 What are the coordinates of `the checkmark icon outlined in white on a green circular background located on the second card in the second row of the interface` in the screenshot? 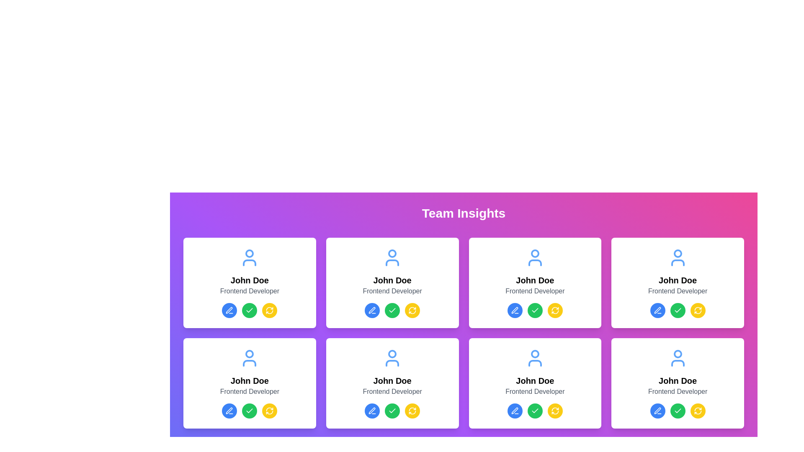 It's located at (392, 310).